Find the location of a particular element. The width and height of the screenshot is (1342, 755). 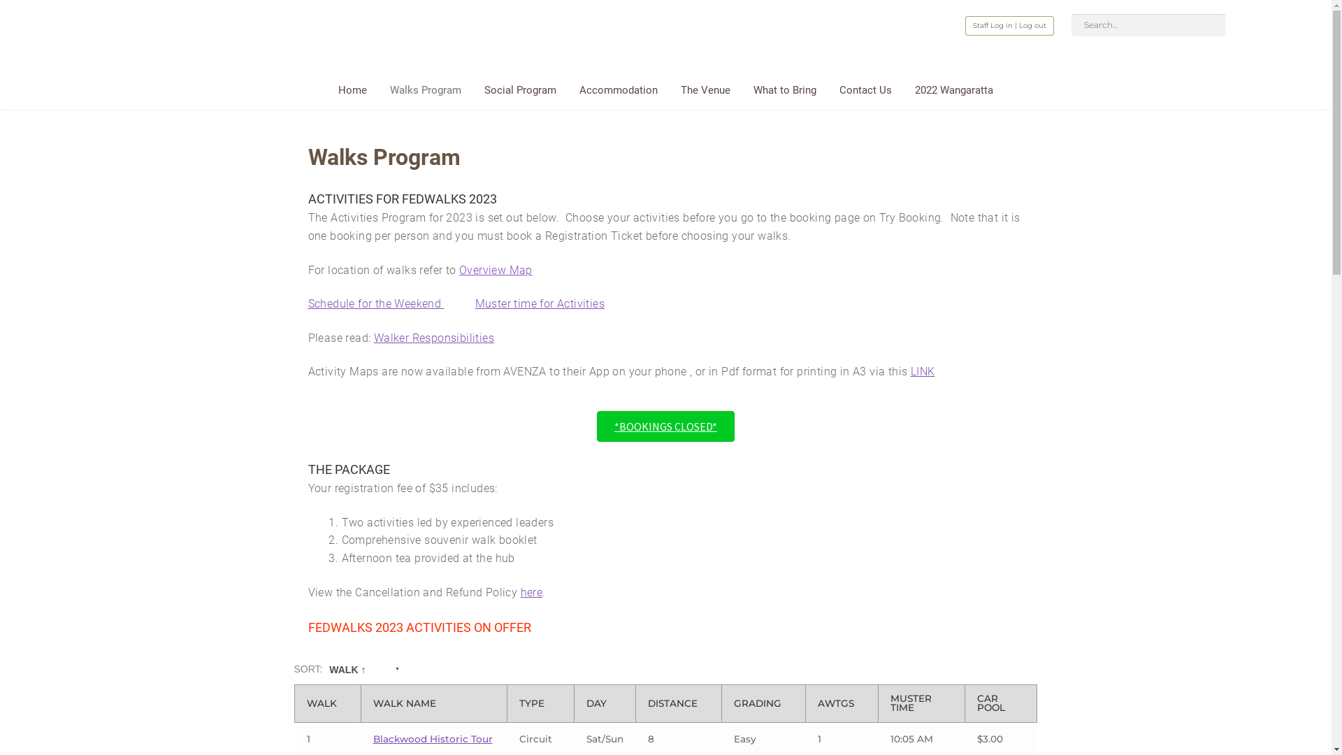

'here' is located at coordinates (531, 592).